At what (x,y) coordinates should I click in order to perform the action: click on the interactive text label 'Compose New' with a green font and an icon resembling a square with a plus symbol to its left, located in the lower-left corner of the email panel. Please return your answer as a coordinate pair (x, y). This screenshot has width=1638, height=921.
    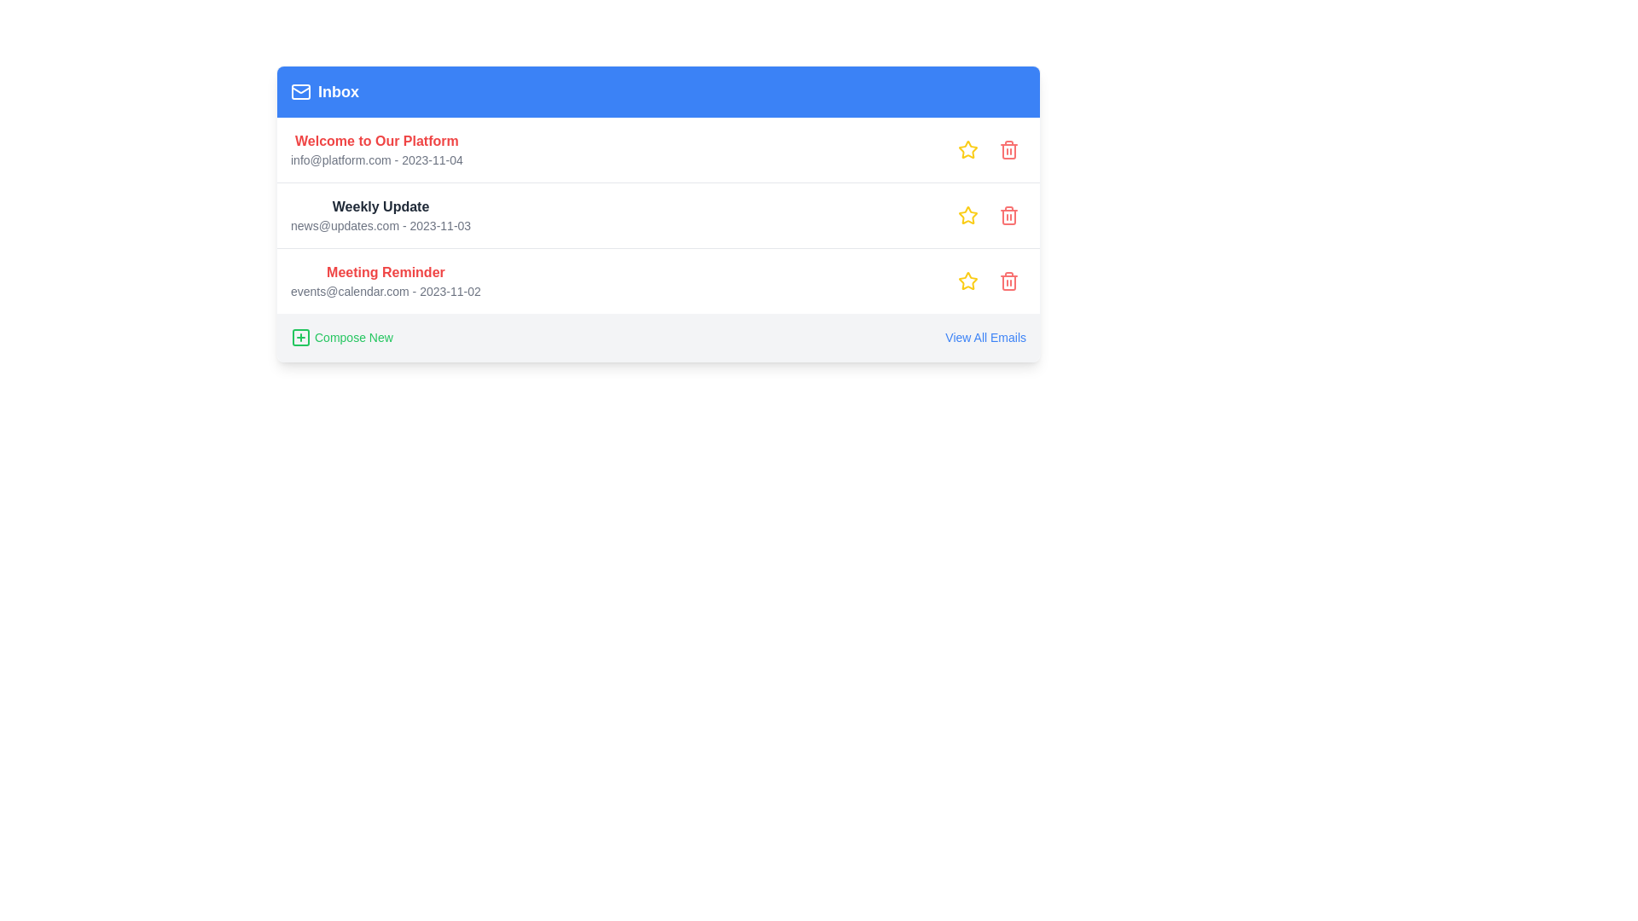
    Looking at the image, I should click on (341, 338).